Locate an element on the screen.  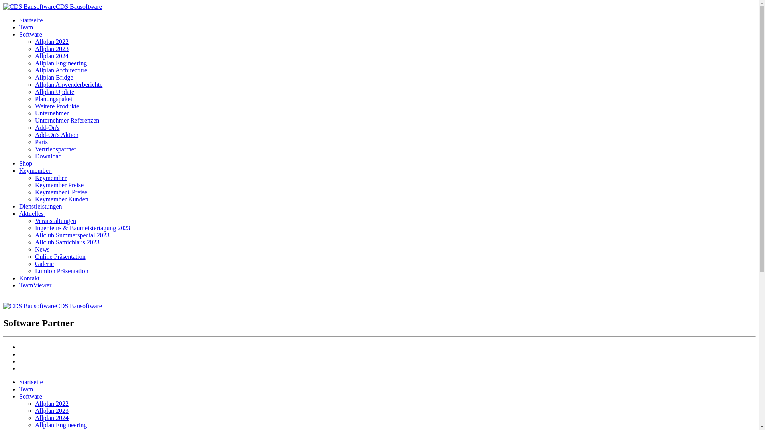
'Startseite' is located at coordinates (19, 381).